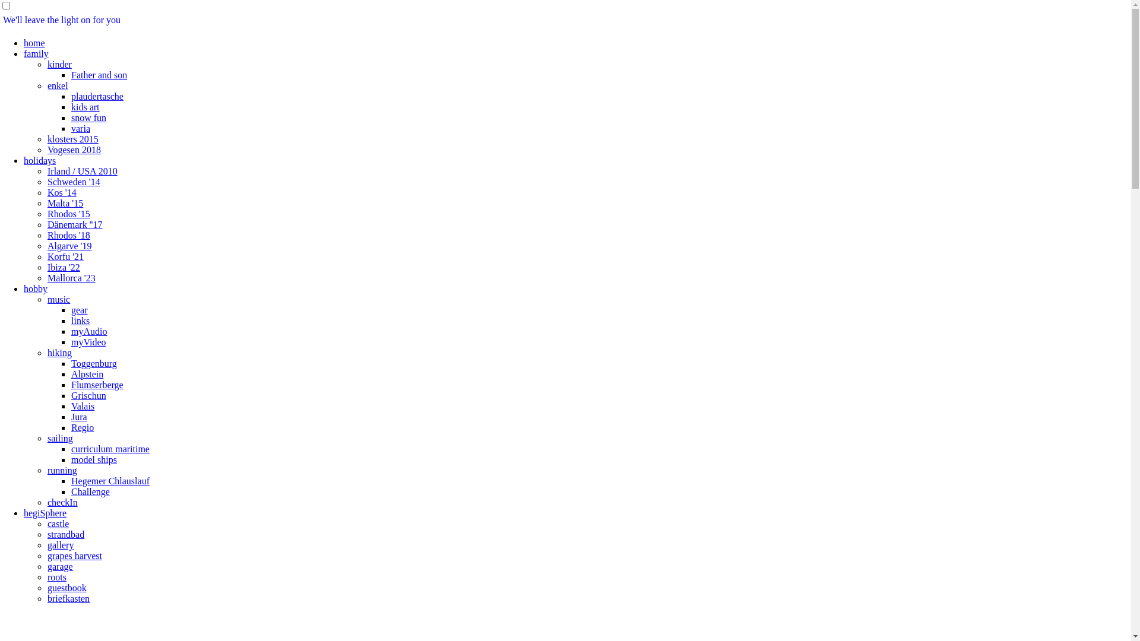 The width and height of the screenshot is (1140, 641). I want to click on 'Grischun', so click(88, 395).